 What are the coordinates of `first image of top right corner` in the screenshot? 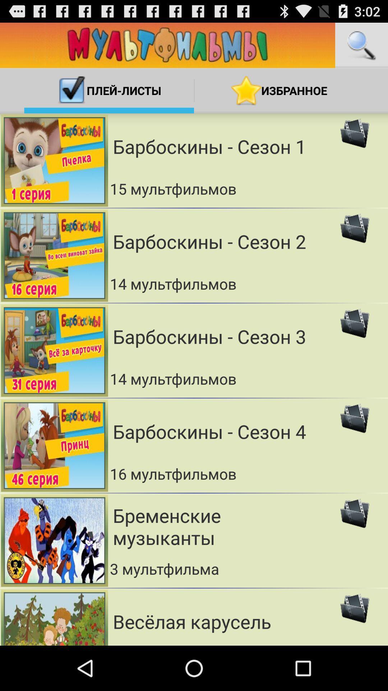 It's located at (354, 133).